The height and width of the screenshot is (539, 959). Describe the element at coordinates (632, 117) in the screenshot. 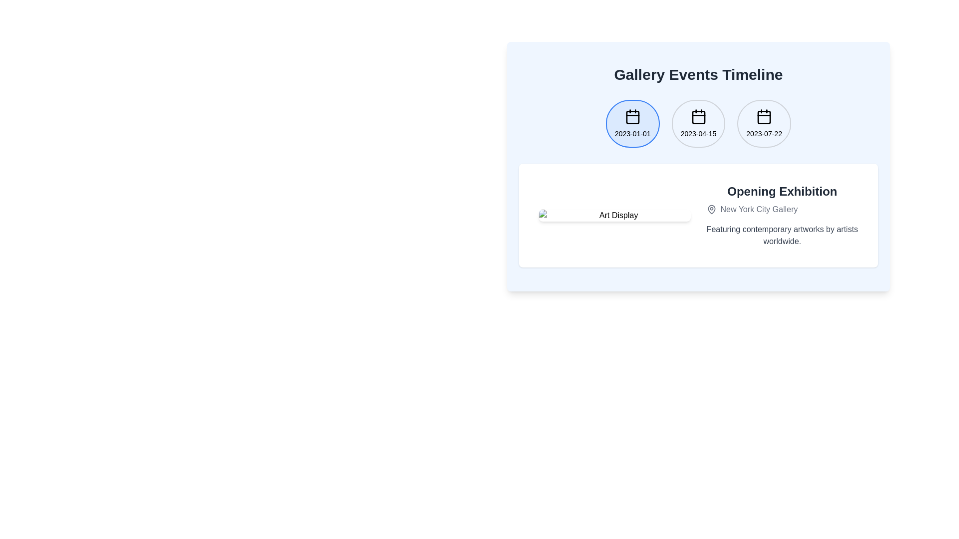

I see `the first calendar icon` at that location.